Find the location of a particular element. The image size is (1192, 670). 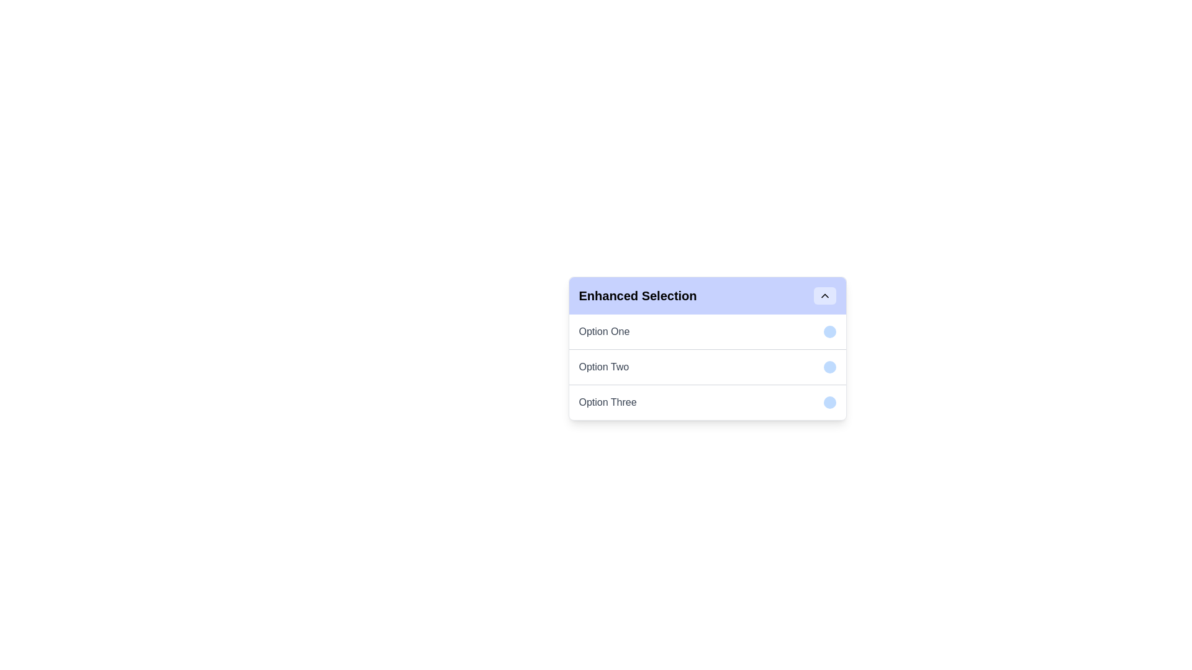

label 'Option Two', which is the second option in the dropdown list 'Enhanced Selection' is located at coordinates (603, 366).